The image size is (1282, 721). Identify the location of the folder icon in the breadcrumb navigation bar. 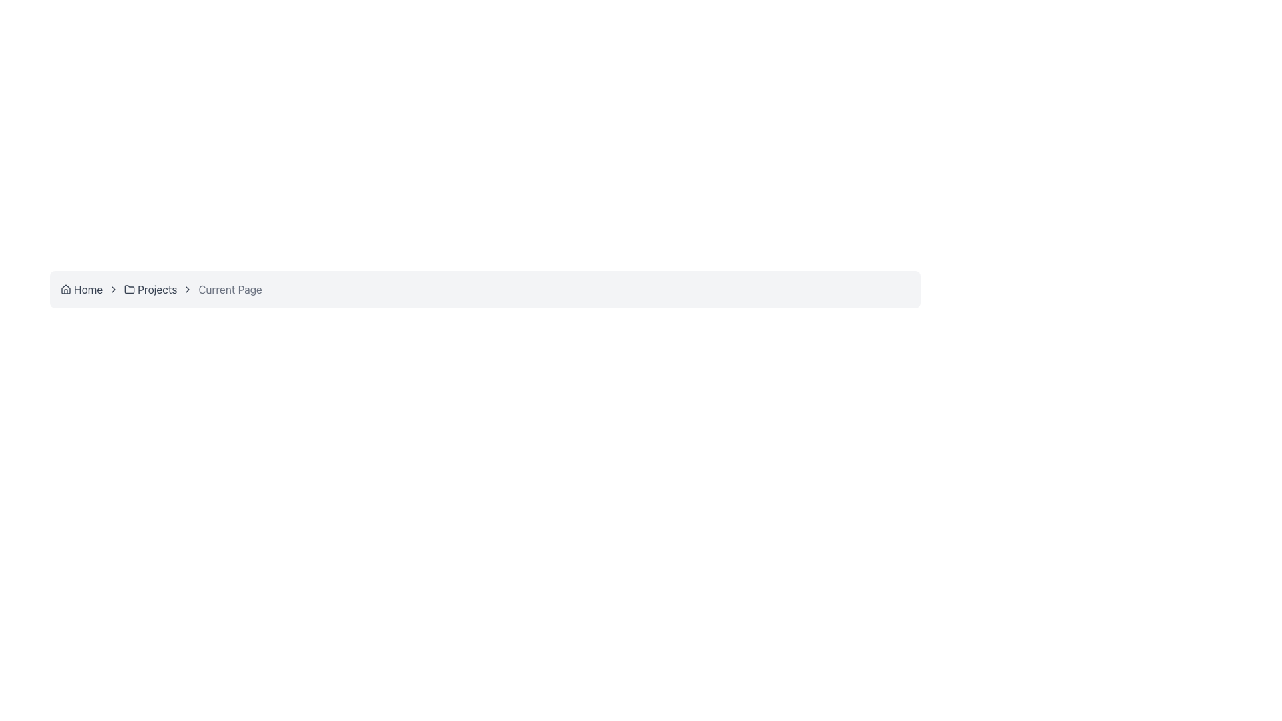
(130, 288).